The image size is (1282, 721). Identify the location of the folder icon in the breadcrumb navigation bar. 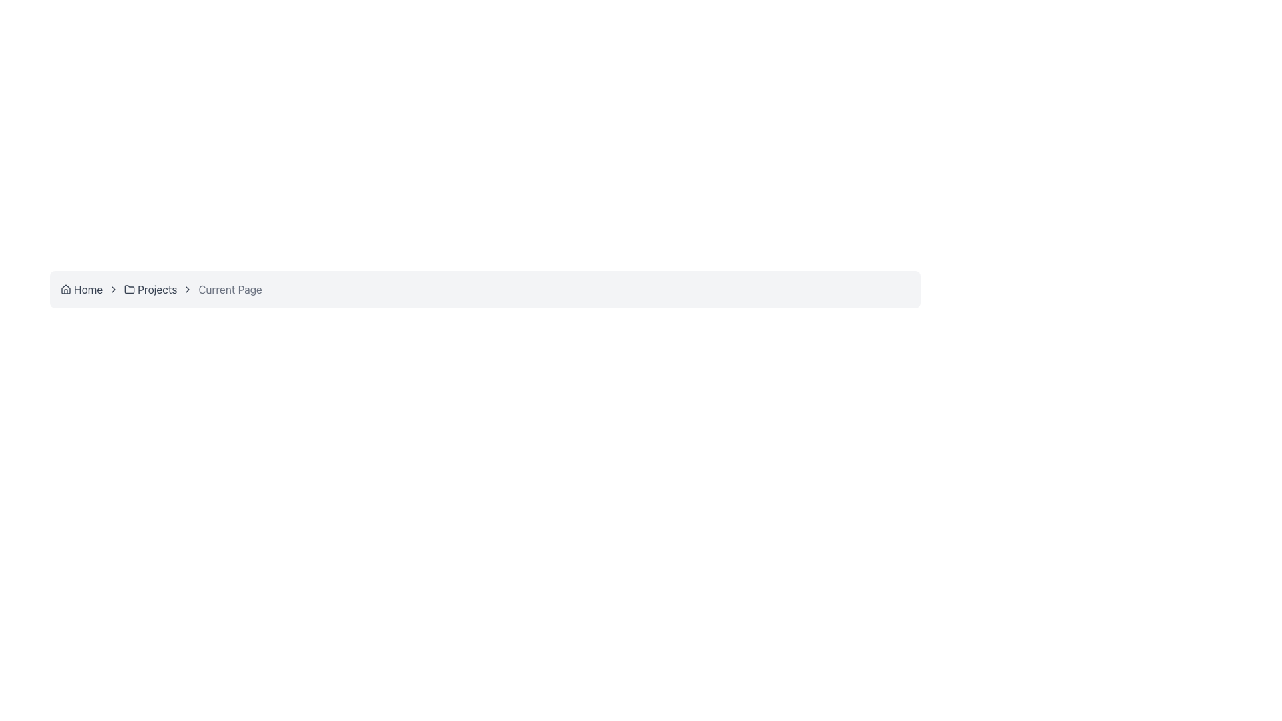
(130, 288).